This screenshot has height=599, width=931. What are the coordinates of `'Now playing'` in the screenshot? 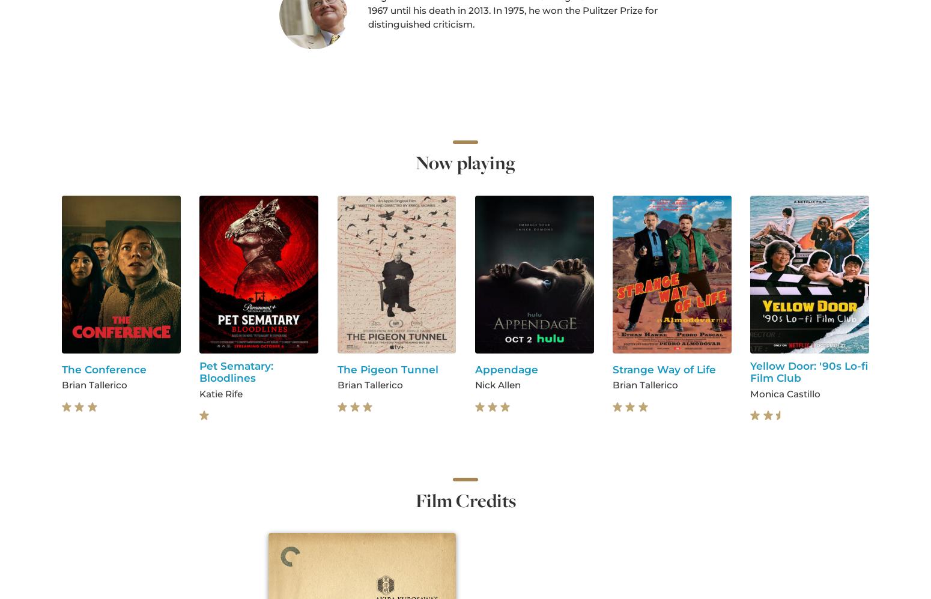 It's located at (465, 162).